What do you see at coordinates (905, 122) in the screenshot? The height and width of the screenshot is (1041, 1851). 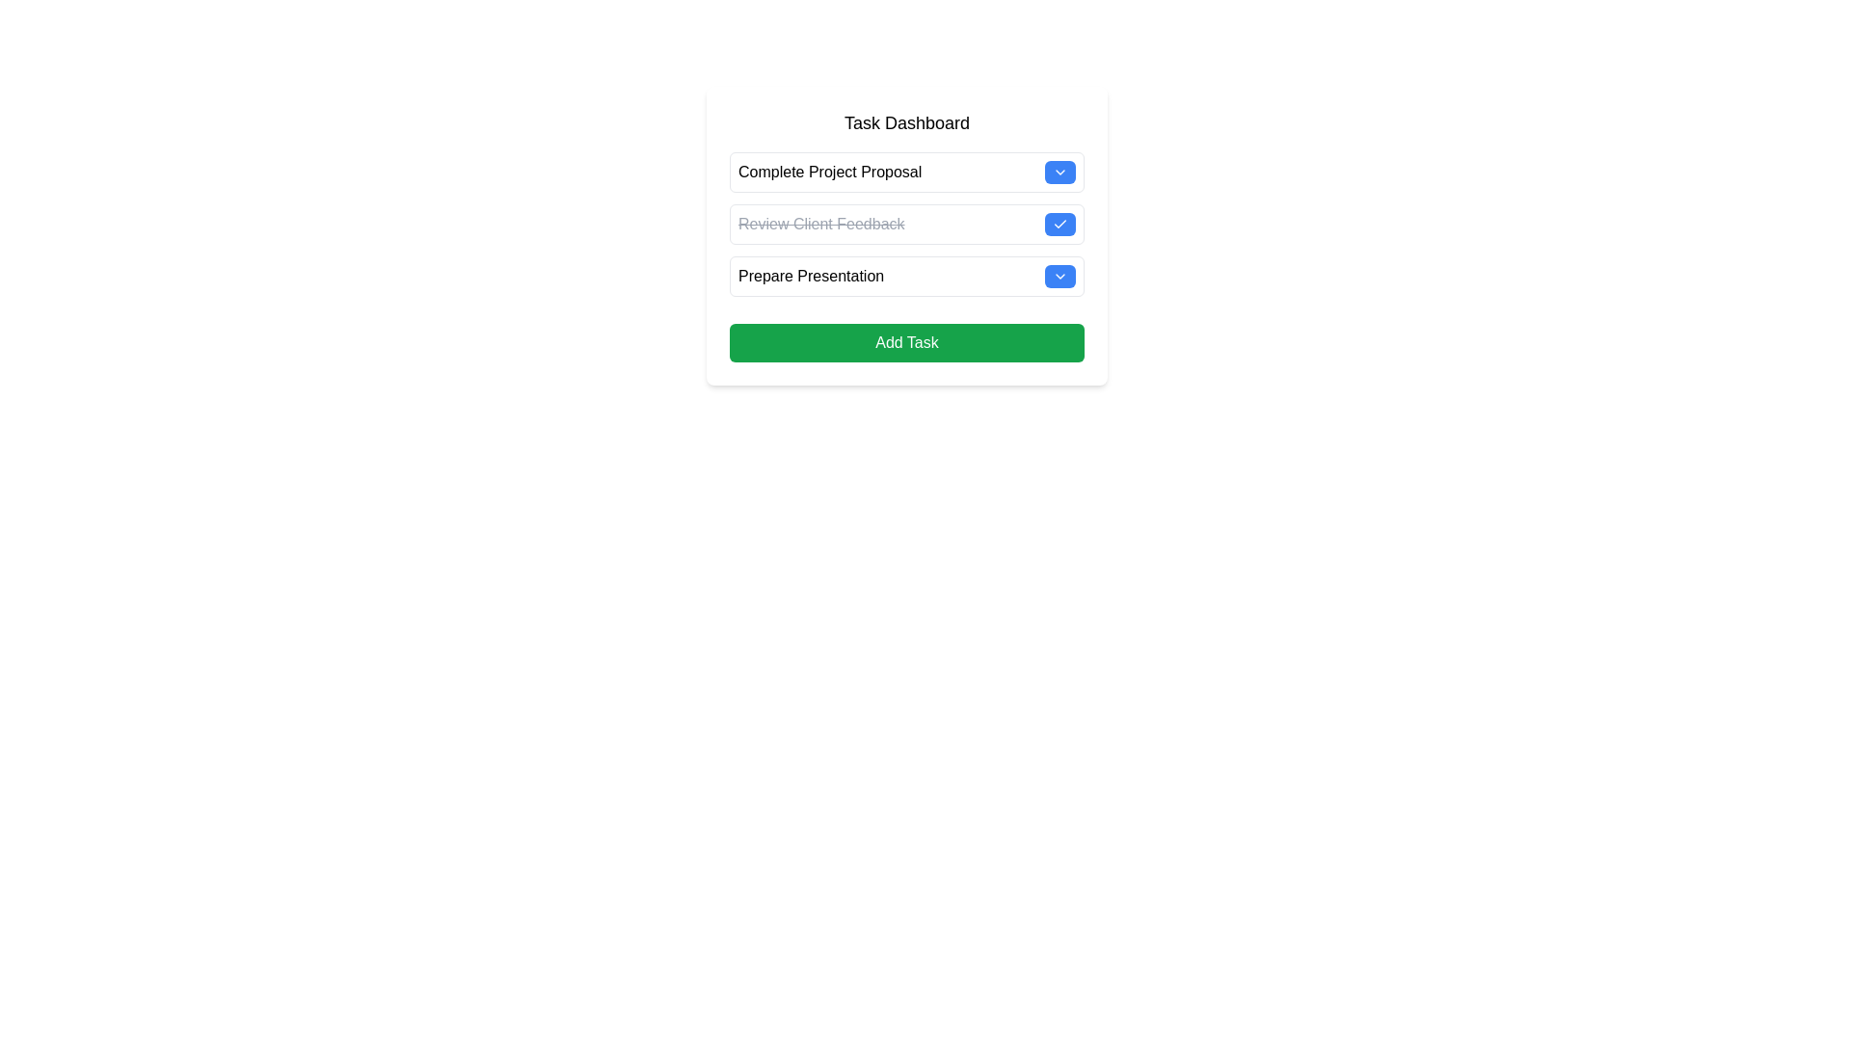 I see `the 'Task Dashboard' text label, which is a bold header at the top center of a white rounded card UI containing task information` at bounding box center [905, 122].